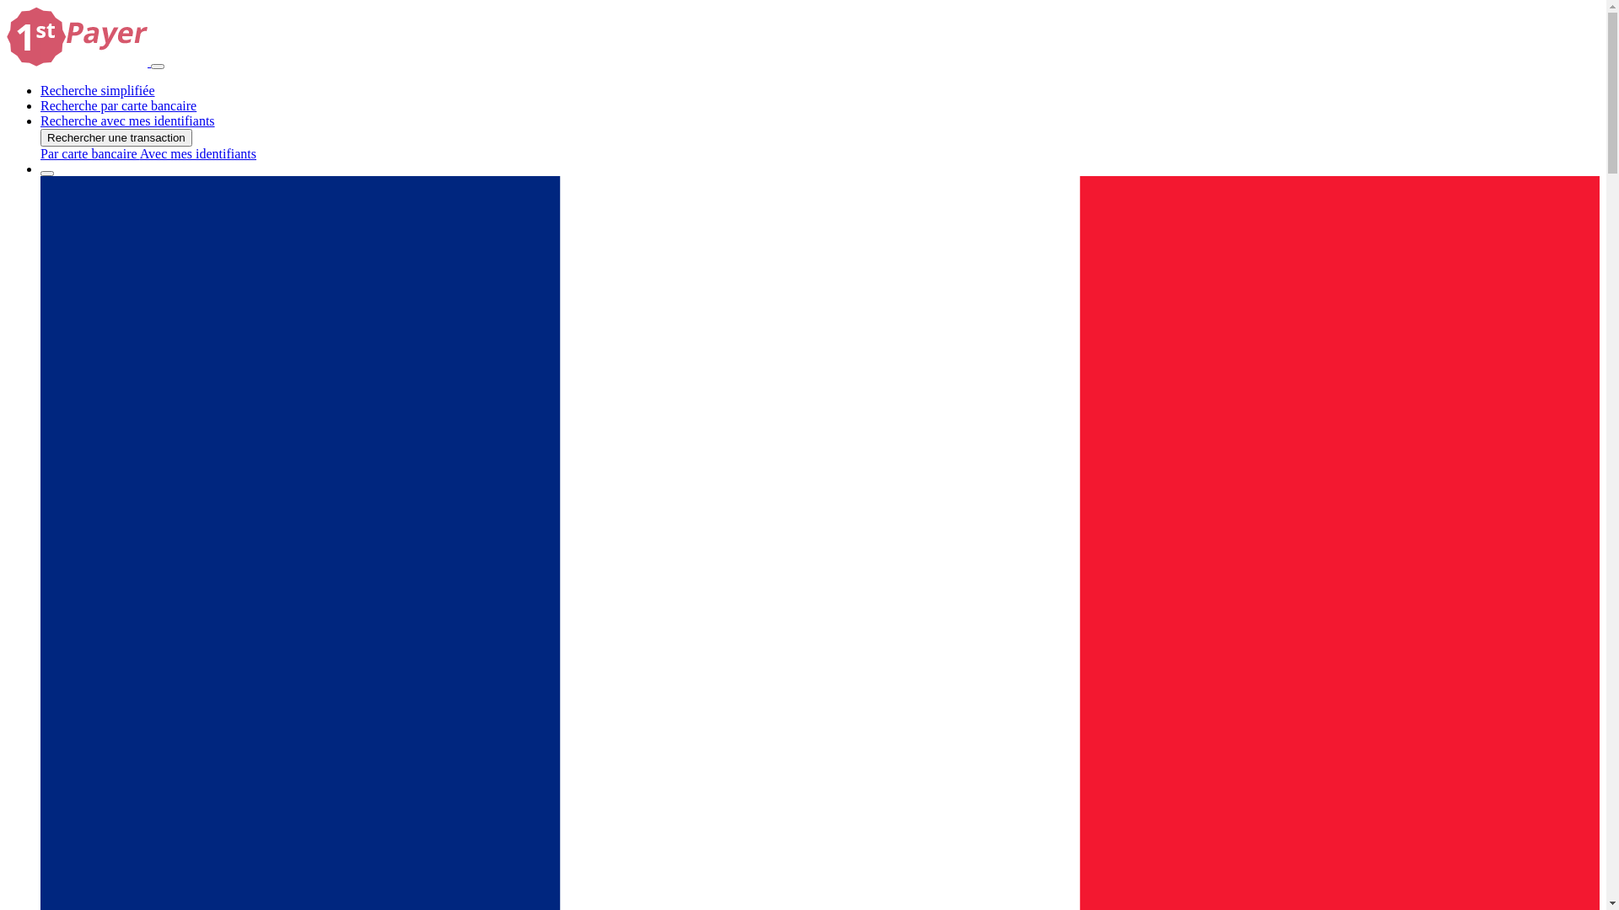  I want to click on 'Rechercher une transaction', so click(116, 136).